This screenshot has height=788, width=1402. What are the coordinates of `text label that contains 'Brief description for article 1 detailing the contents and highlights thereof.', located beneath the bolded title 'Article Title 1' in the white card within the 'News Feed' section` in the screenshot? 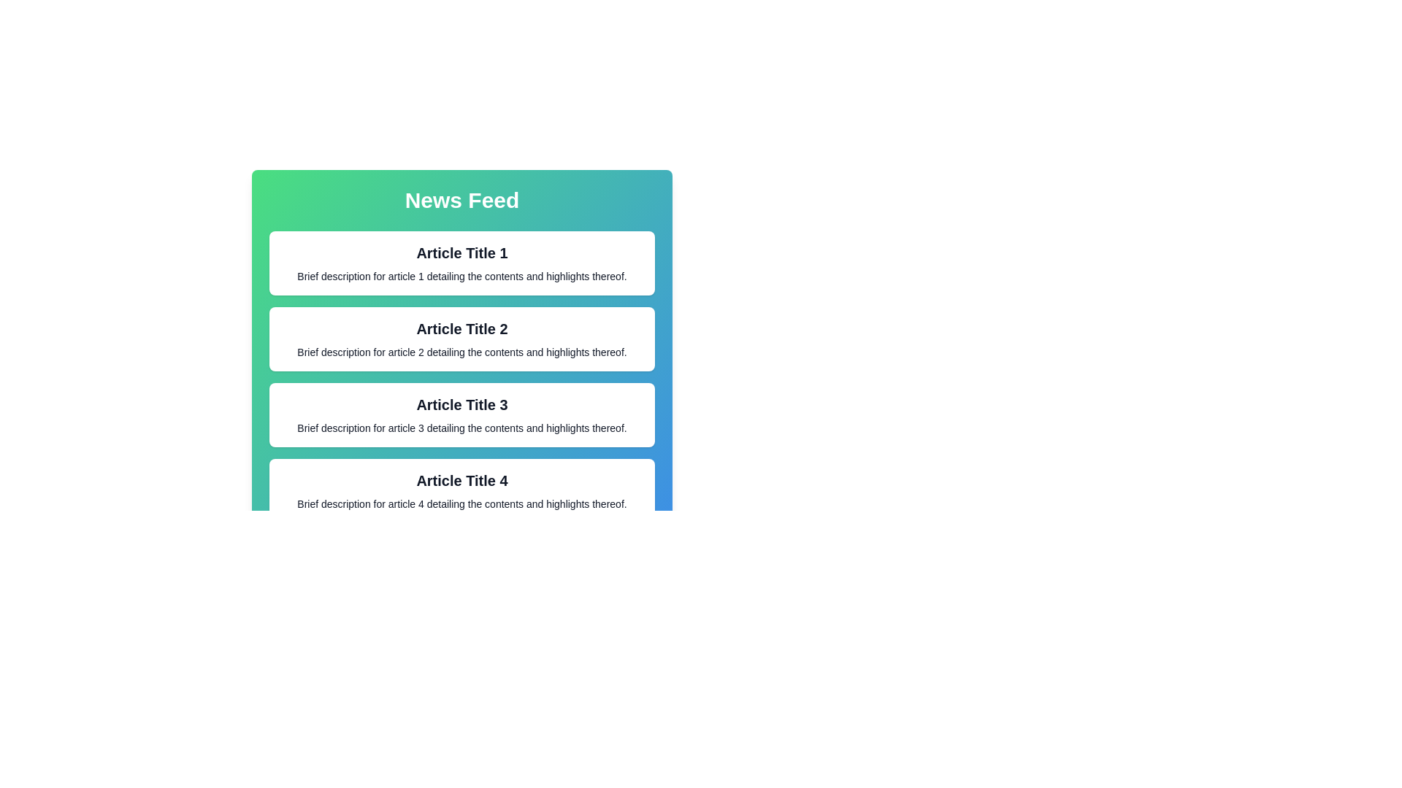 It's located at (461, 276).